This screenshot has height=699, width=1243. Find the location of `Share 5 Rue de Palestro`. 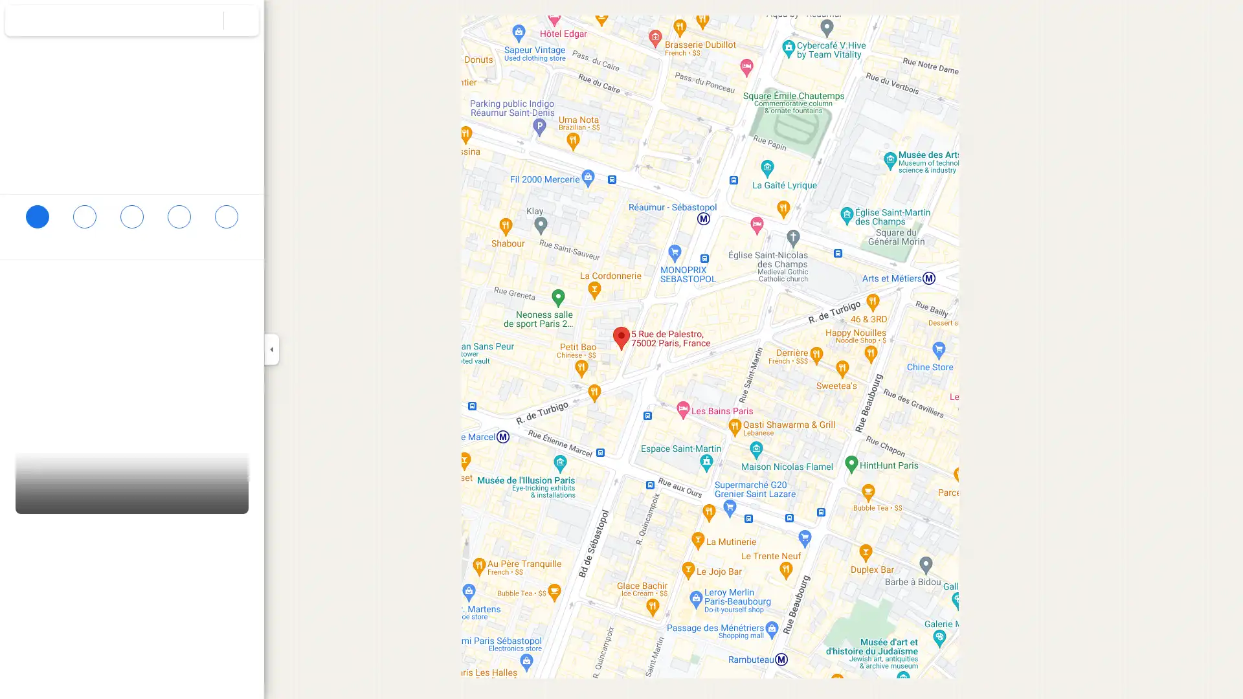

Share 5 Rue de Palestro is located at coordinates (226, 221).